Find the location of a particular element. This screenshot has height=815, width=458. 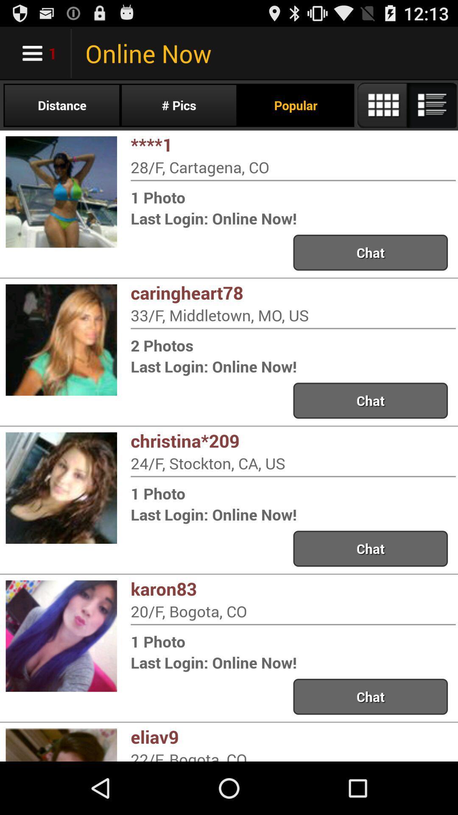

a first image which is below distance is located at coordinates (61, 191).